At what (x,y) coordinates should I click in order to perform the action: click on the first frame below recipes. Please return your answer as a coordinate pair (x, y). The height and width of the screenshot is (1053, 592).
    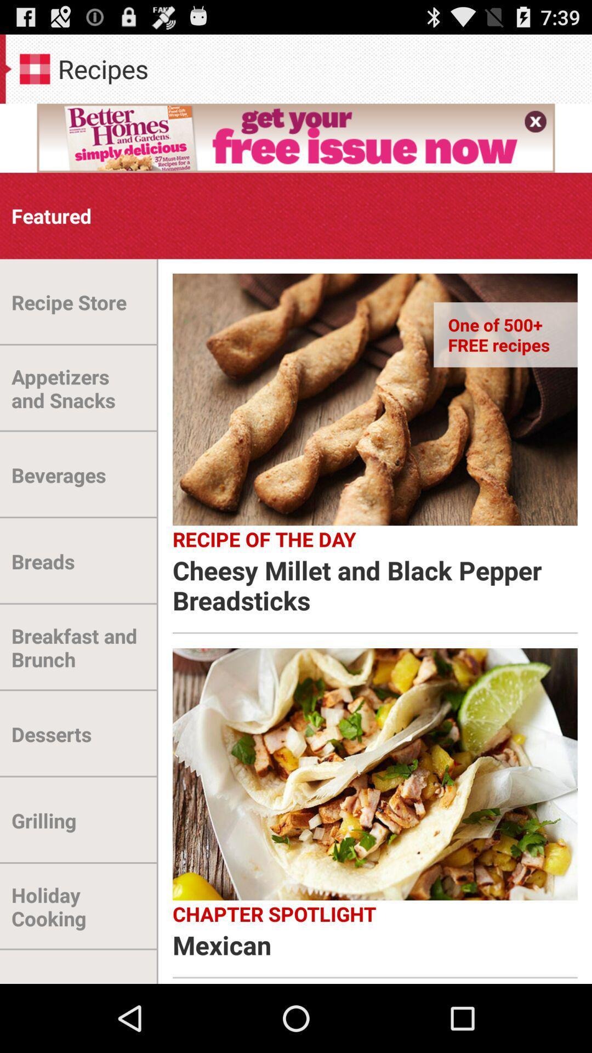
    Looking at the image, I should click on (296, 138).